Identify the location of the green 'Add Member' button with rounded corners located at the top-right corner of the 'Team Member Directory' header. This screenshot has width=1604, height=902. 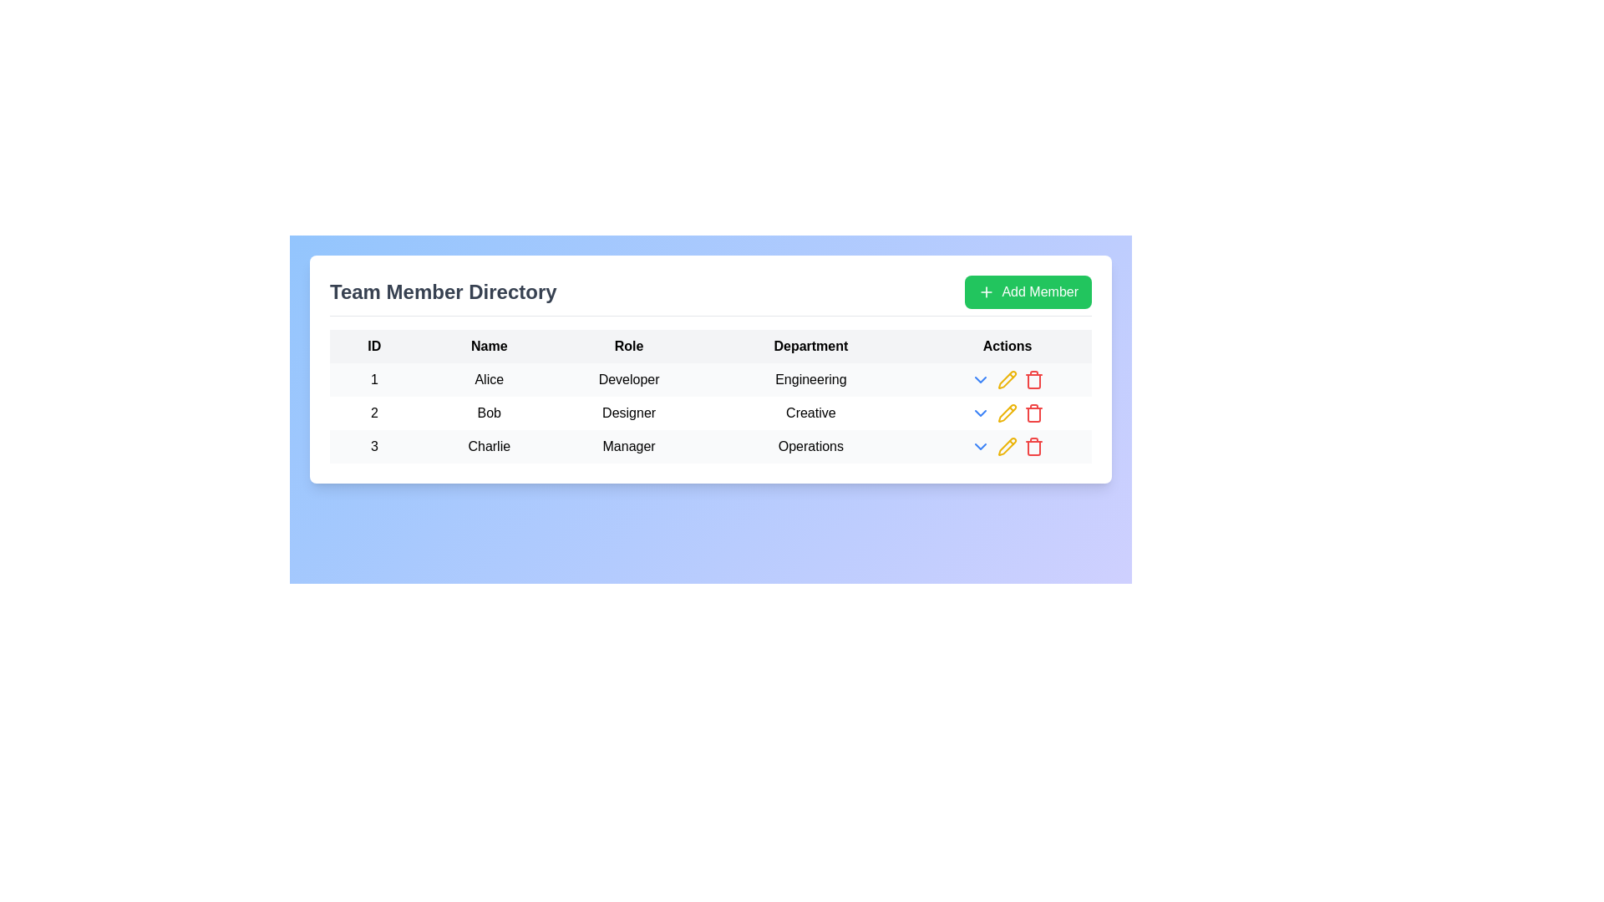
(1028, 291).